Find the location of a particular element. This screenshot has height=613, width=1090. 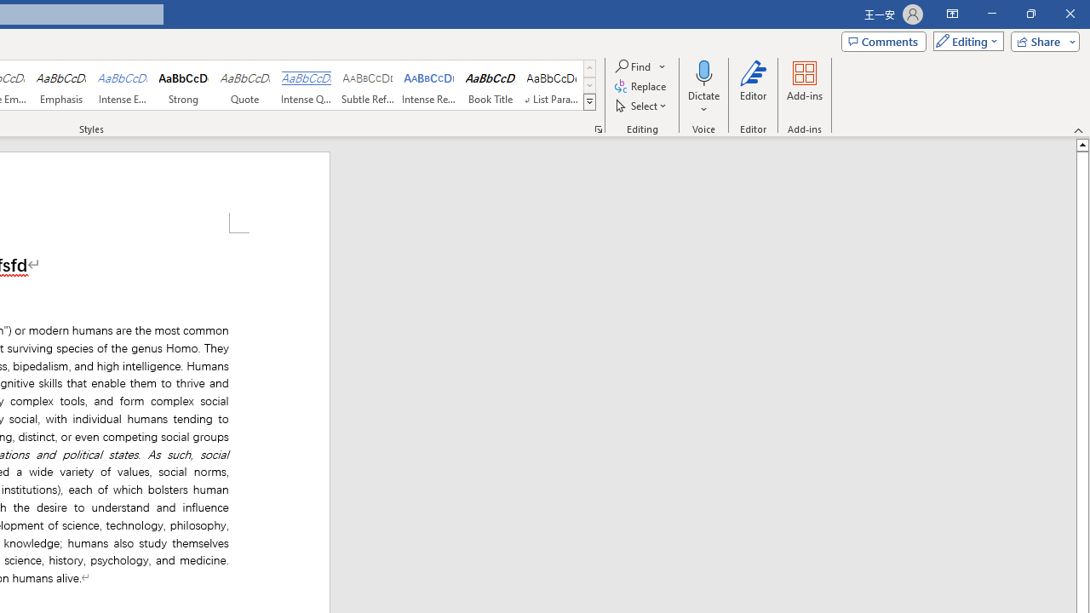

'Row up' is located at coordinates (589, 67).